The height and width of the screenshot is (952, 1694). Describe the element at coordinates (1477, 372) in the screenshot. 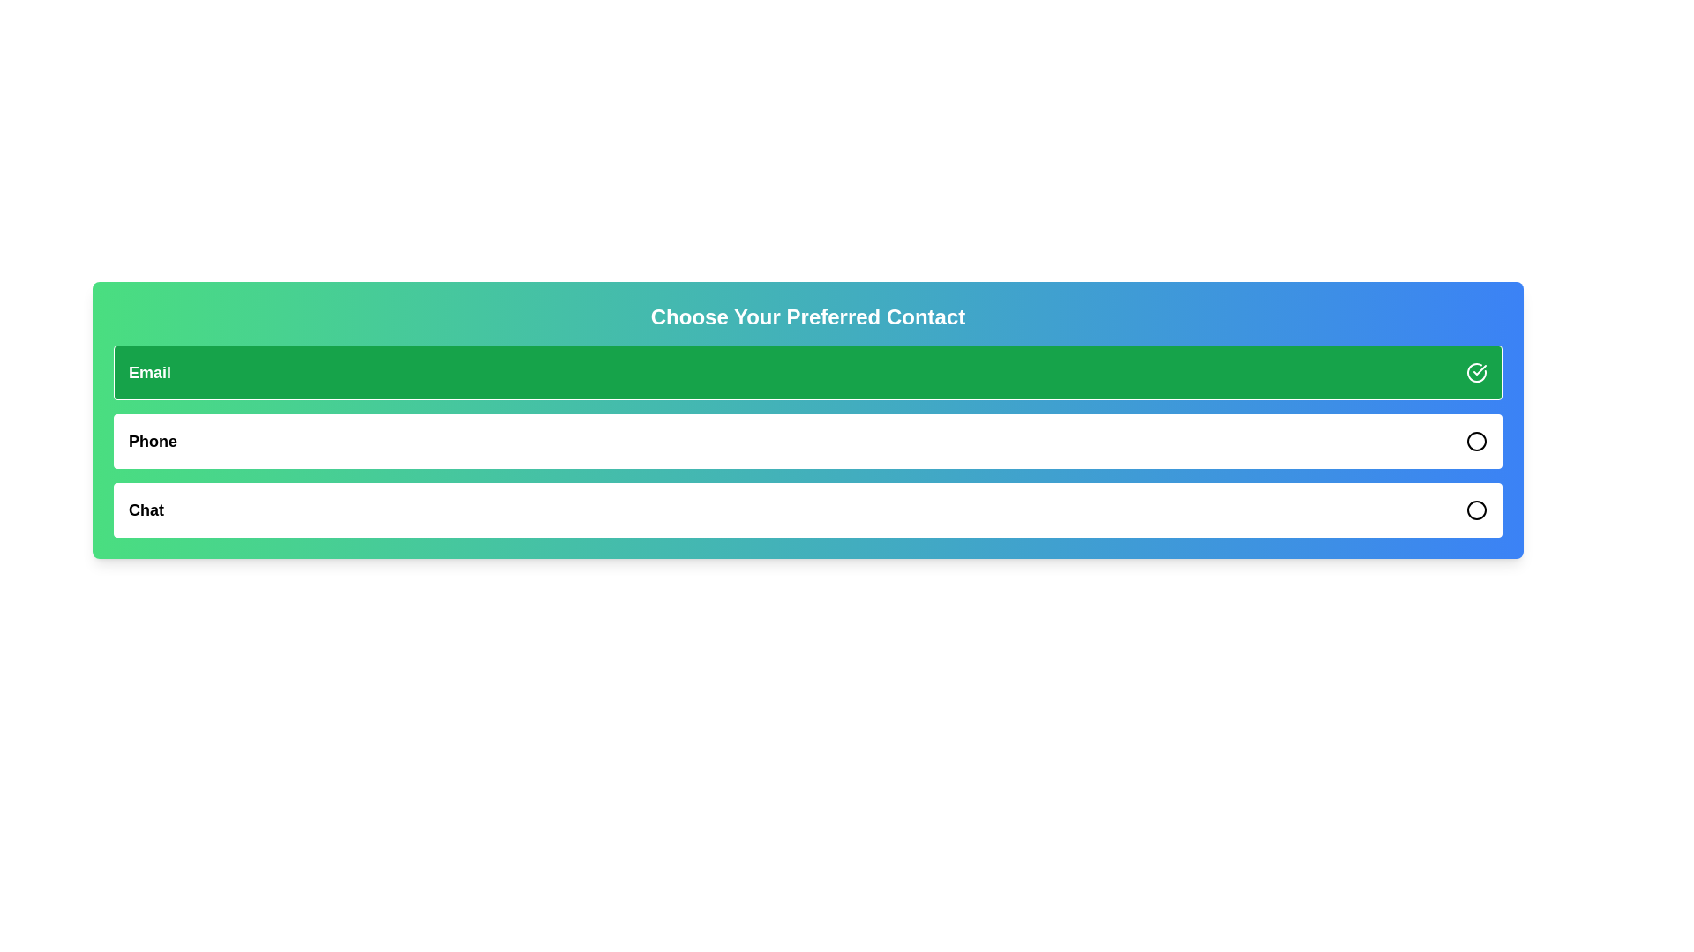

I see `the Icon (Selection Indicator) which is a circle with a checkmark, located to the right of the 'Email' option in the contact preferences list` at that location.